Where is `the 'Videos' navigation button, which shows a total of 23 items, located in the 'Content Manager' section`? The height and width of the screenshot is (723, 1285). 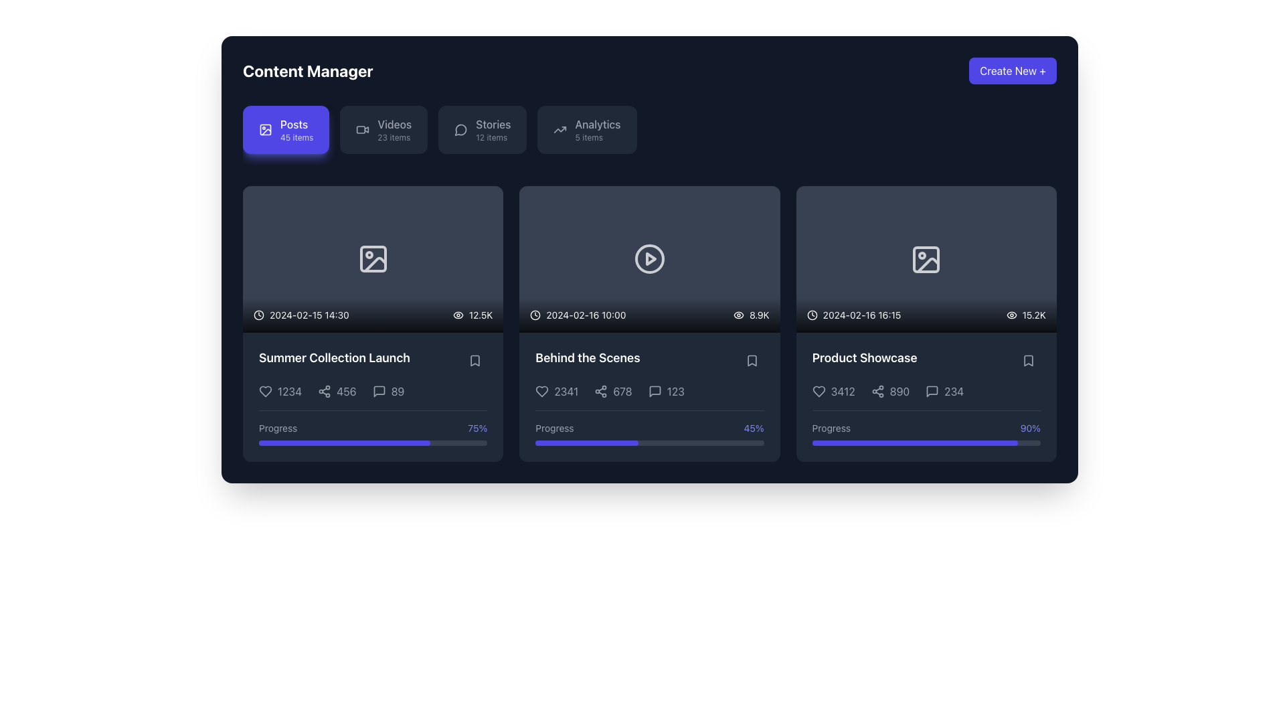
the 'Videos' navigation button, which shows a total of 23 items, located in the 'Content Manager' section is located at coordinates (394, 129).